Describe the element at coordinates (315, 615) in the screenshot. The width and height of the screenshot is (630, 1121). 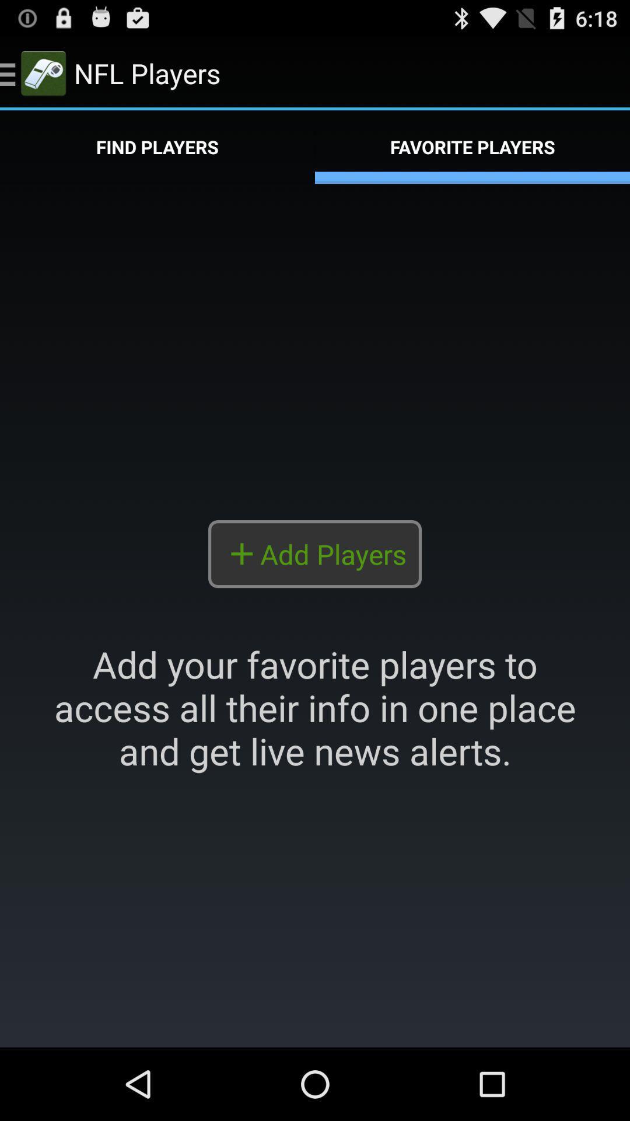
I see `main screen` at that location.